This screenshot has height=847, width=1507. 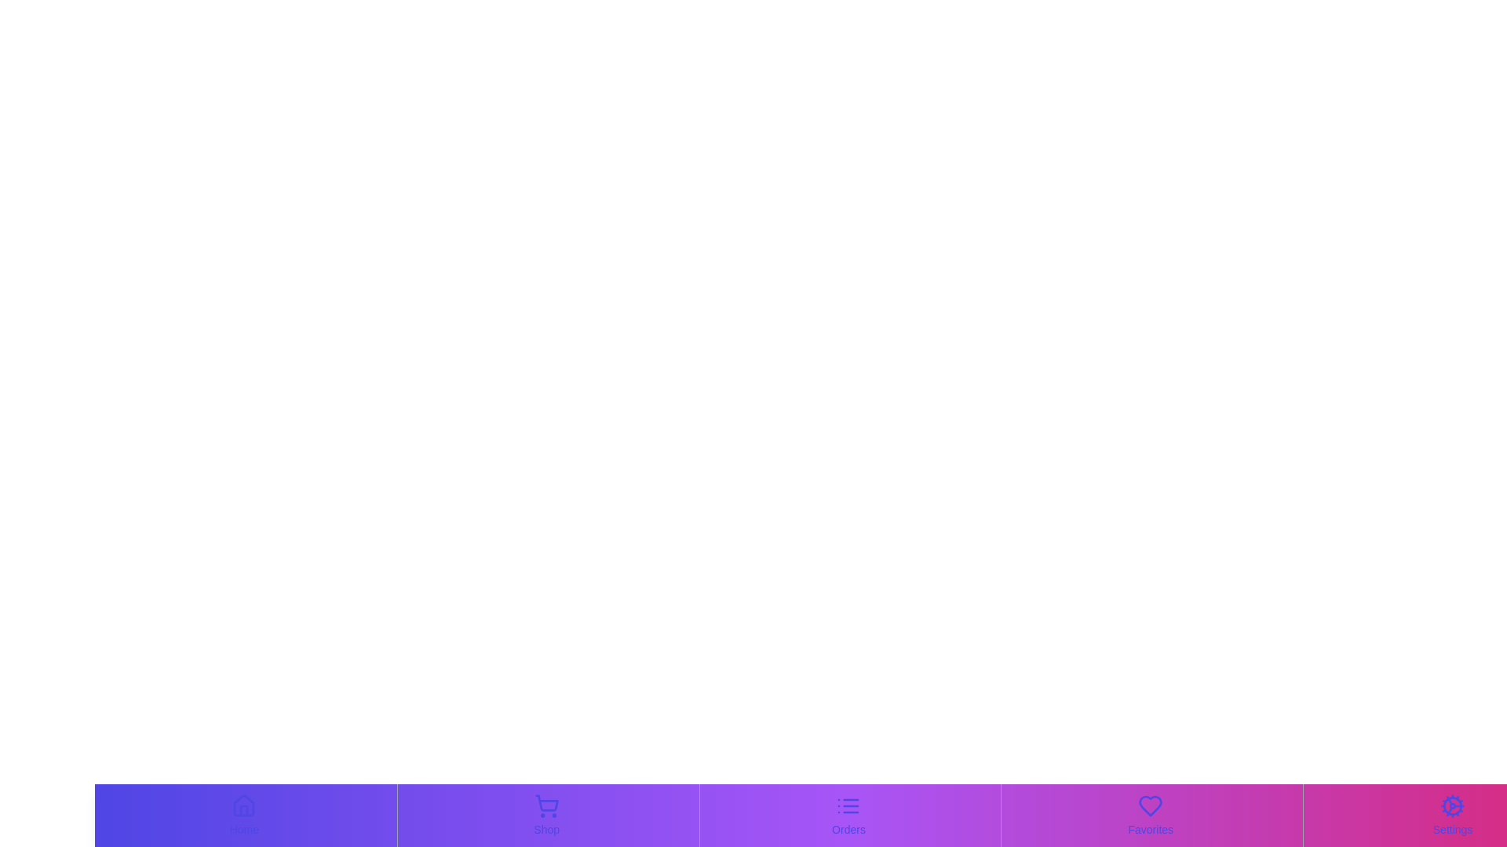 What do you see at coordinates (546, 815) in the screenshot?
I see `the Shop tab by clicking on its corresponding button` at bounding box center [546, 815].